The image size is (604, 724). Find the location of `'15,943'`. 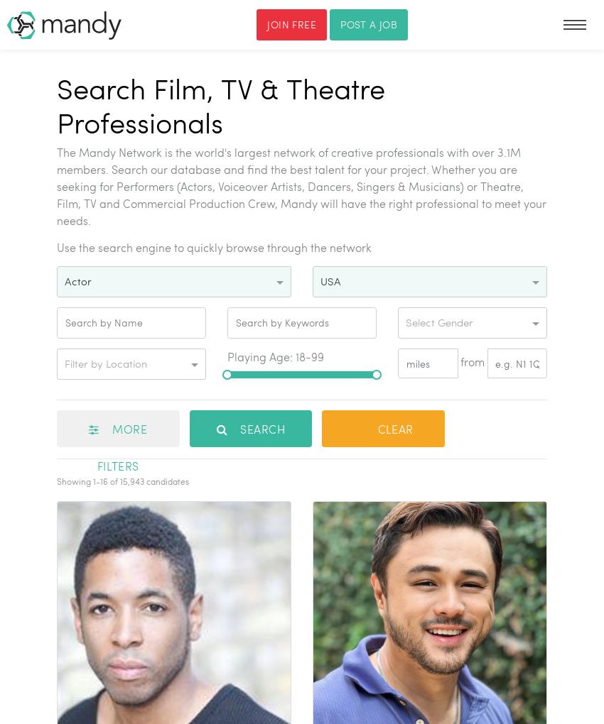

'15,943' is located at coordinates (131, 480).